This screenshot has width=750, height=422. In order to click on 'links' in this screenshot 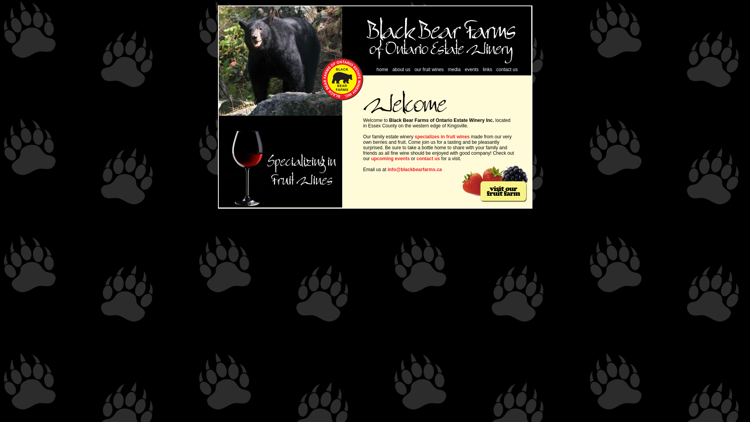, I will do `click(482, 69)`.